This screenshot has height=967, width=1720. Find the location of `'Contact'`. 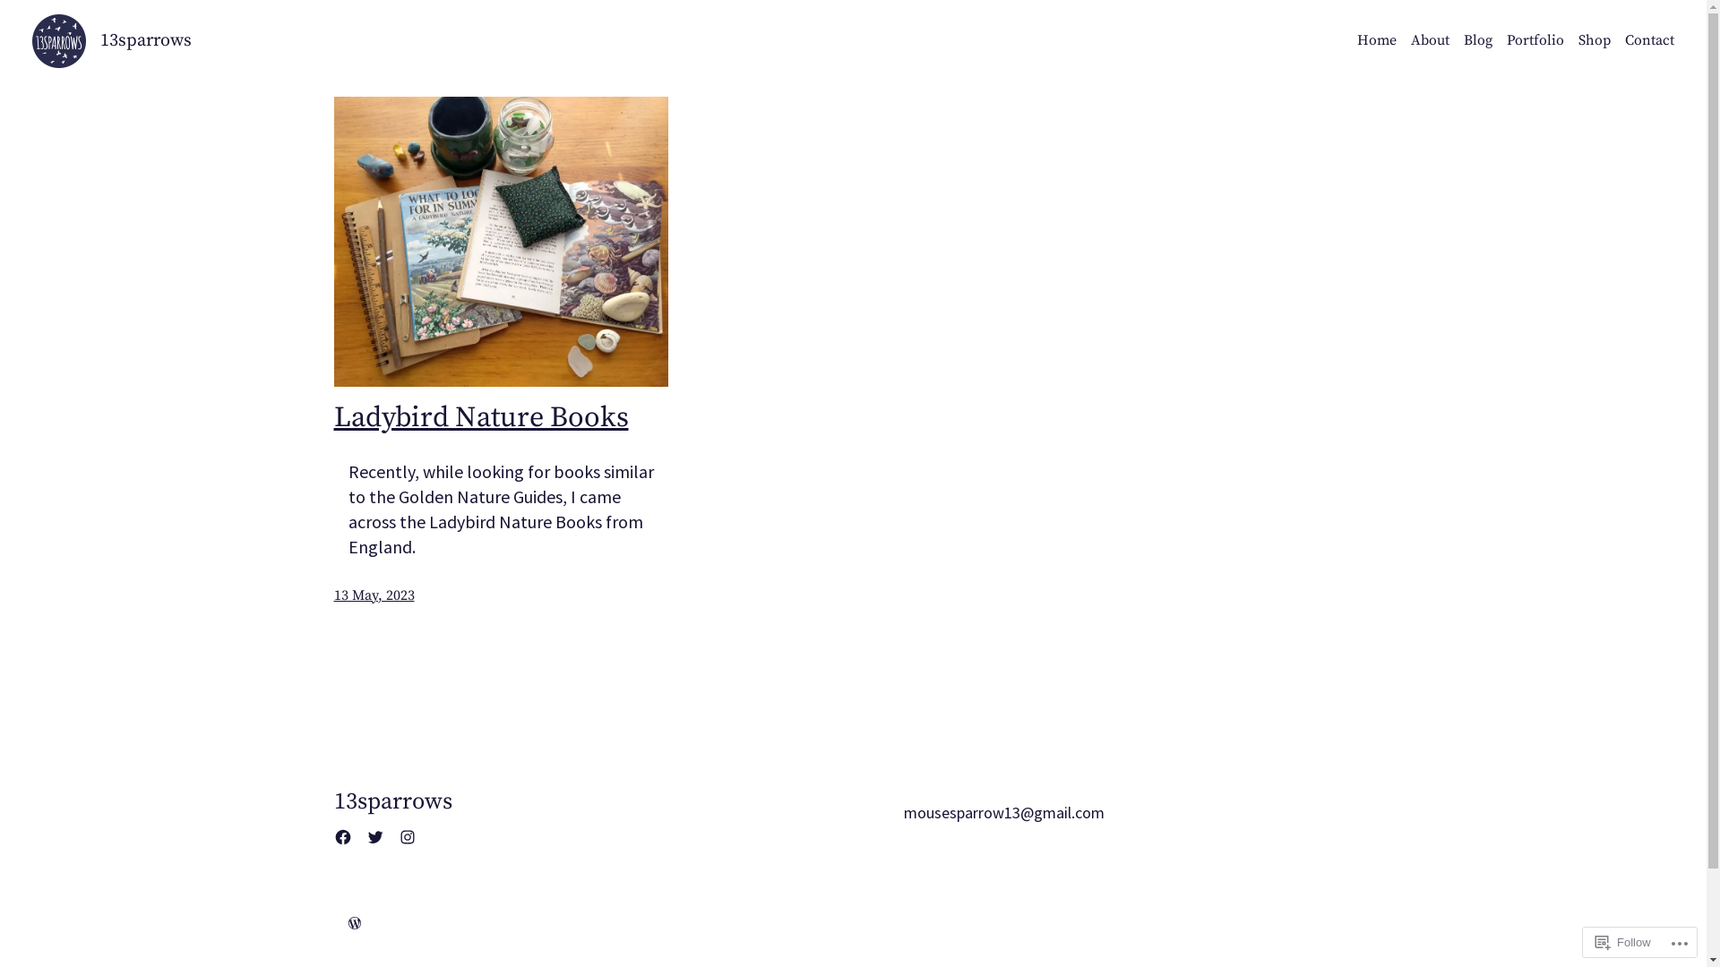

'Contact' is located at coordinates (1648, 40).